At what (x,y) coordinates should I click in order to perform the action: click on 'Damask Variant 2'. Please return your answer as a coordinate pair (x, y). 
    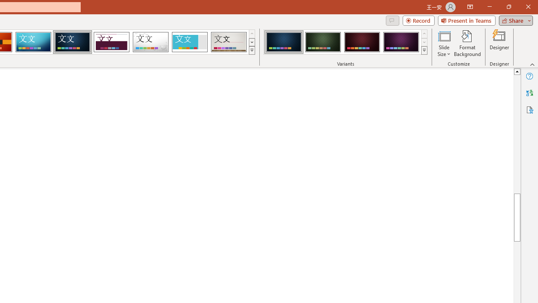
    Looking at the image, I should click on (322, 42).